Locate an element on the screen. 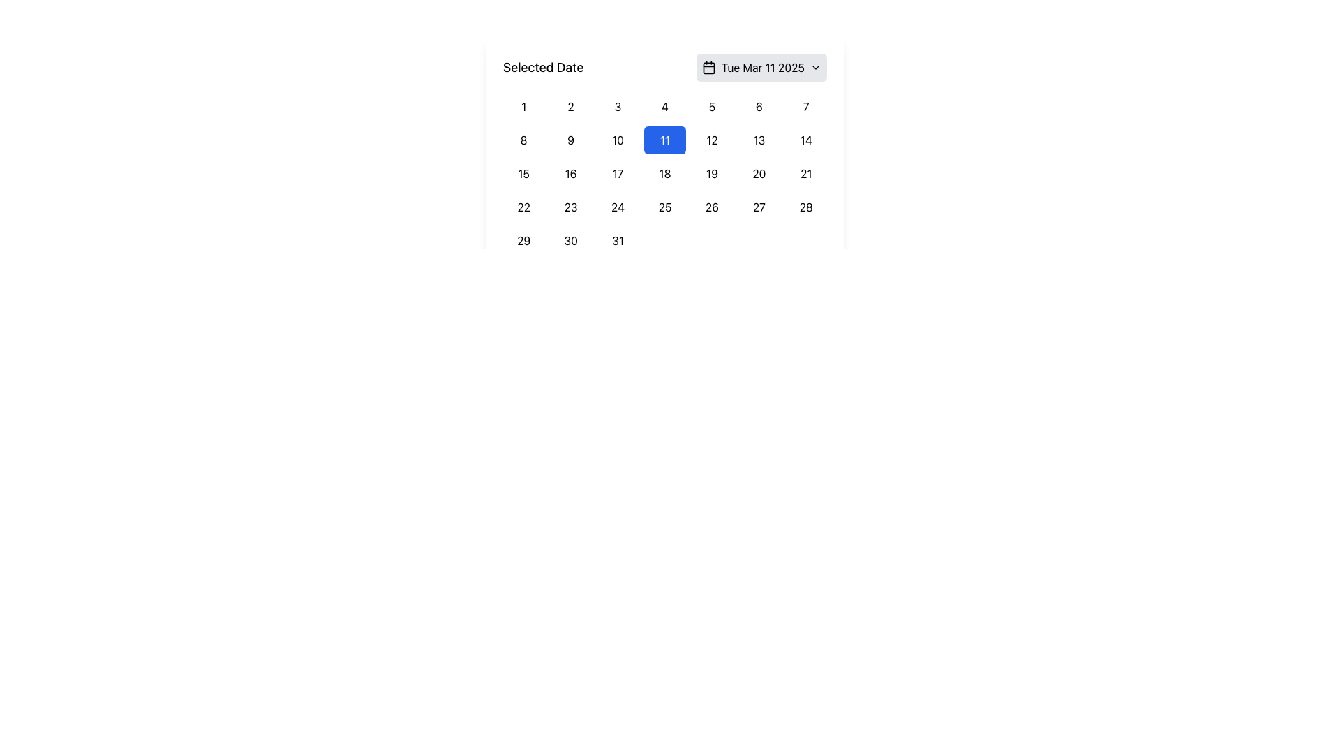 The image size is (1340, 754). the calendar date button representing the date '4' is located at coordinates (664, 106).